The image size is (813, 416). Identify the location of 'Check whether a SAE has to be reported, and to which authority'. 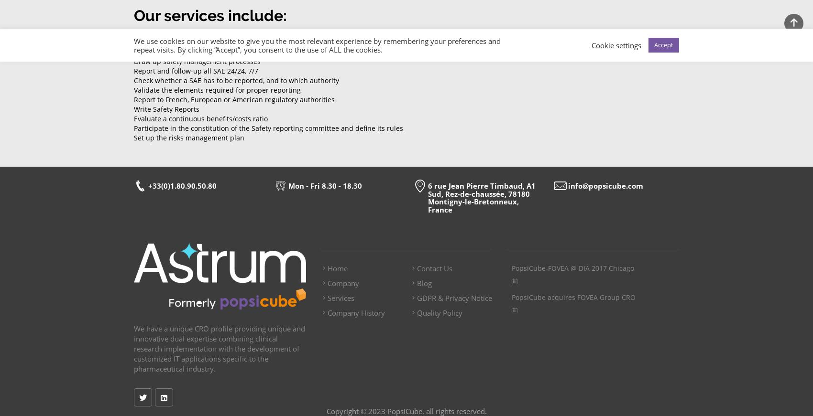
(236, 80).